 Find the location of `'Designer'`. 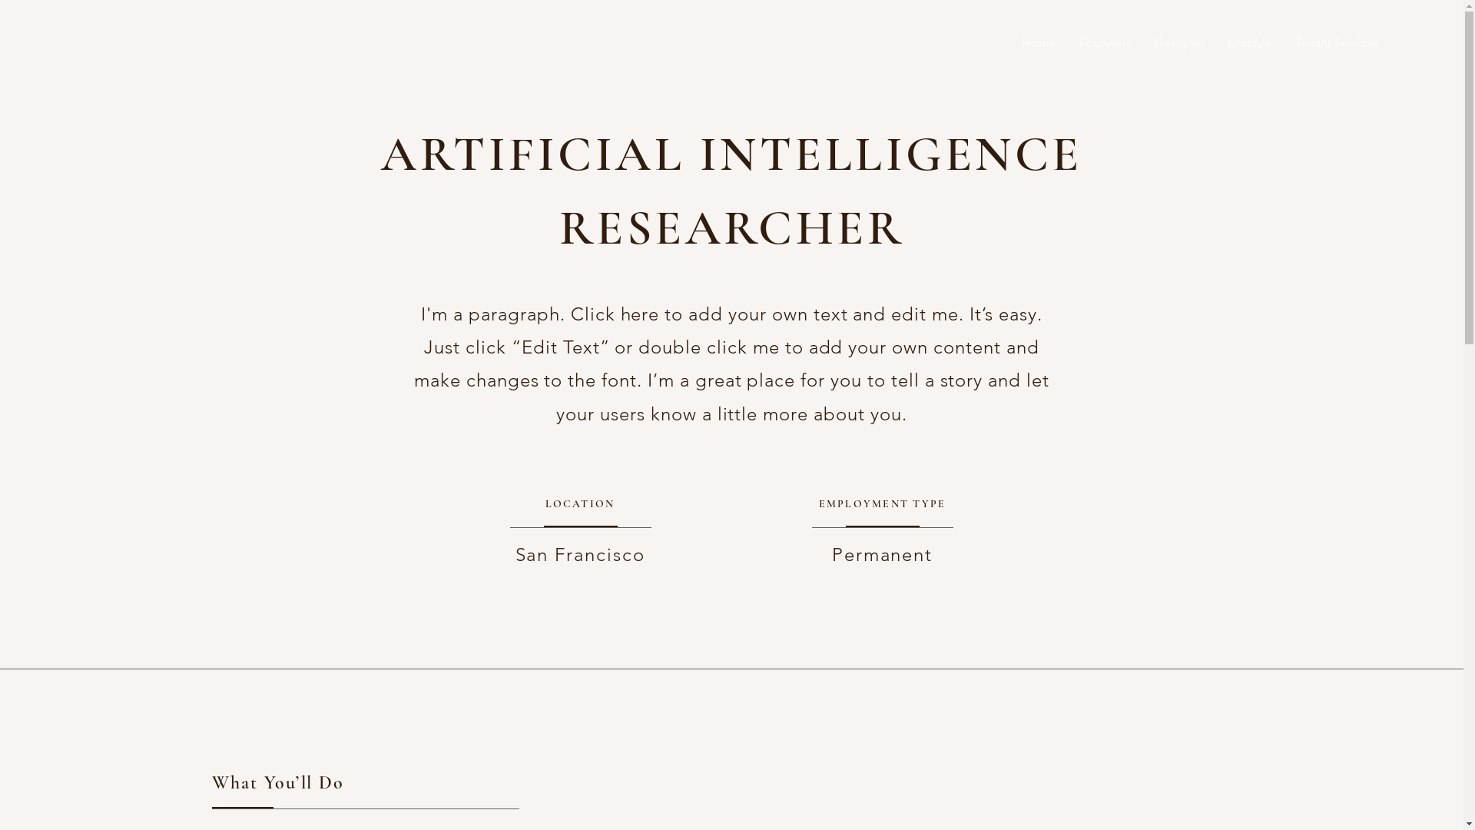

'Designer' is located at coordinates (1178, 42).